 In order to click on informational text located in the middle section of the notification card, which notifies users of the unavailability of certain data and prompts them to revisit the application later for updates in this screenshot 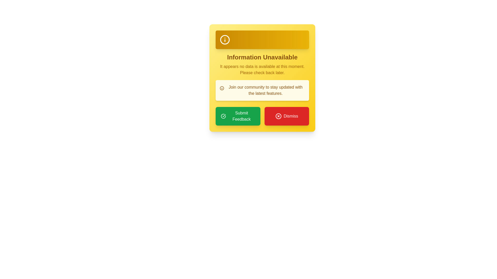, I will do `click(262, 70)`.